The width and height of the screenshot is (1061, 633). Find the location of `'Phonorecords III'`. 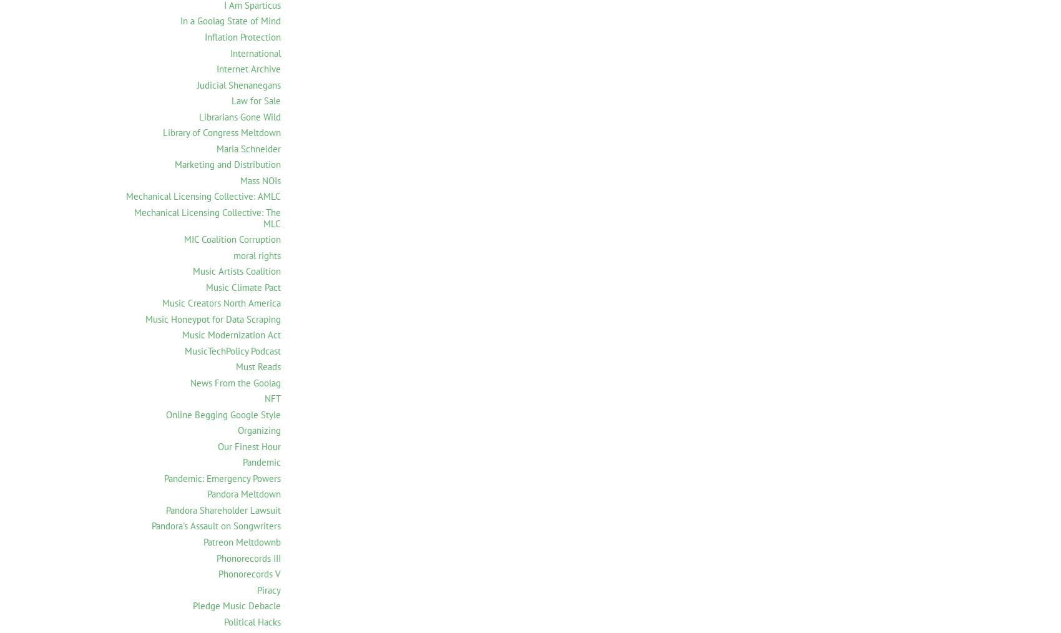

'Phonorecords III' is located at coordinates (248, 557).